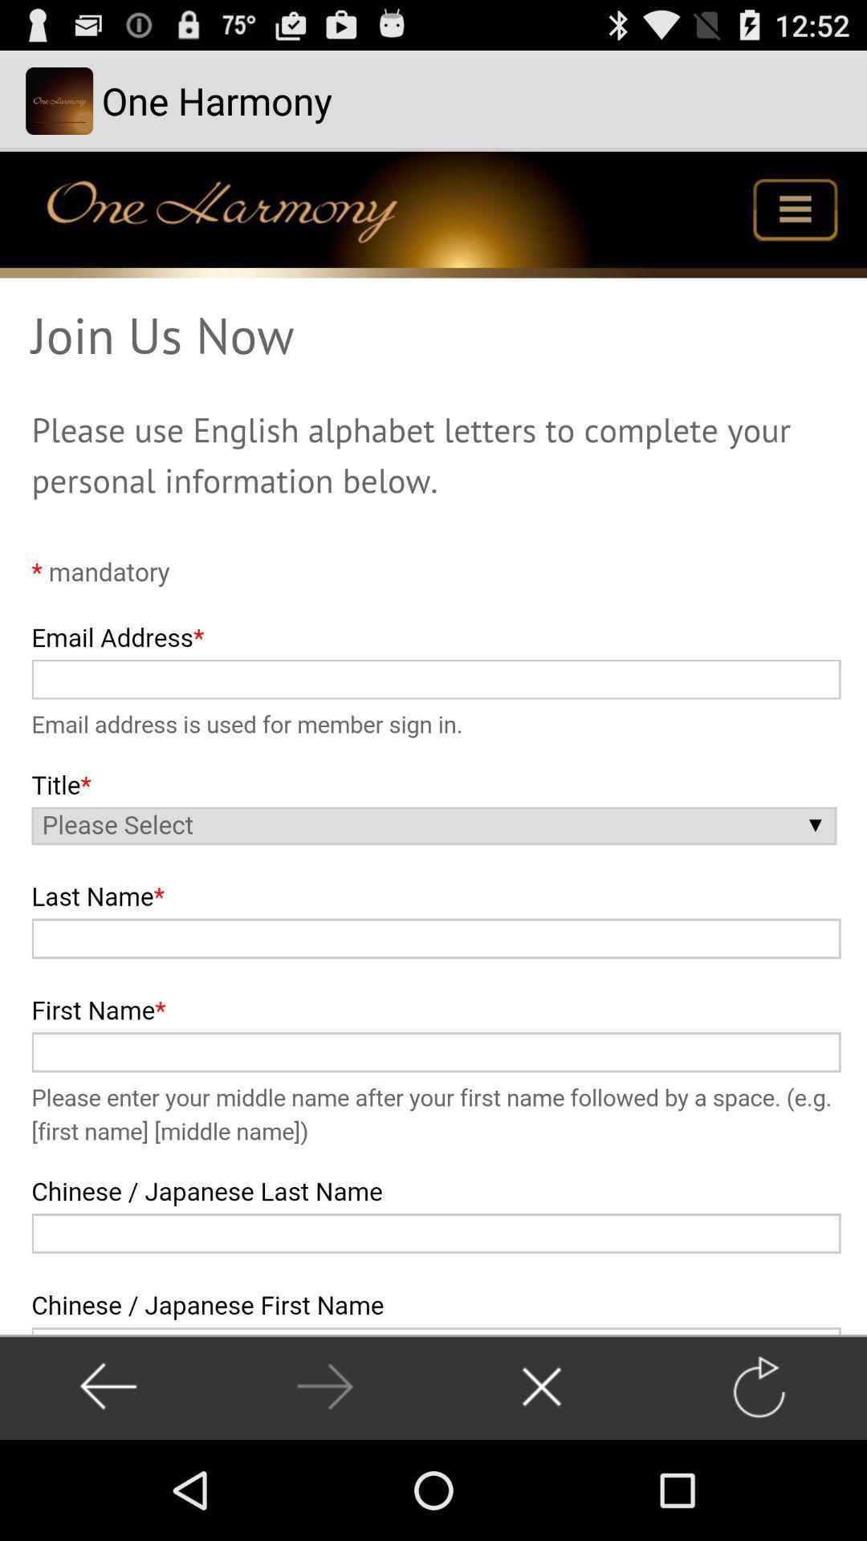  I want to click on the close icon, so click(542, 1483).